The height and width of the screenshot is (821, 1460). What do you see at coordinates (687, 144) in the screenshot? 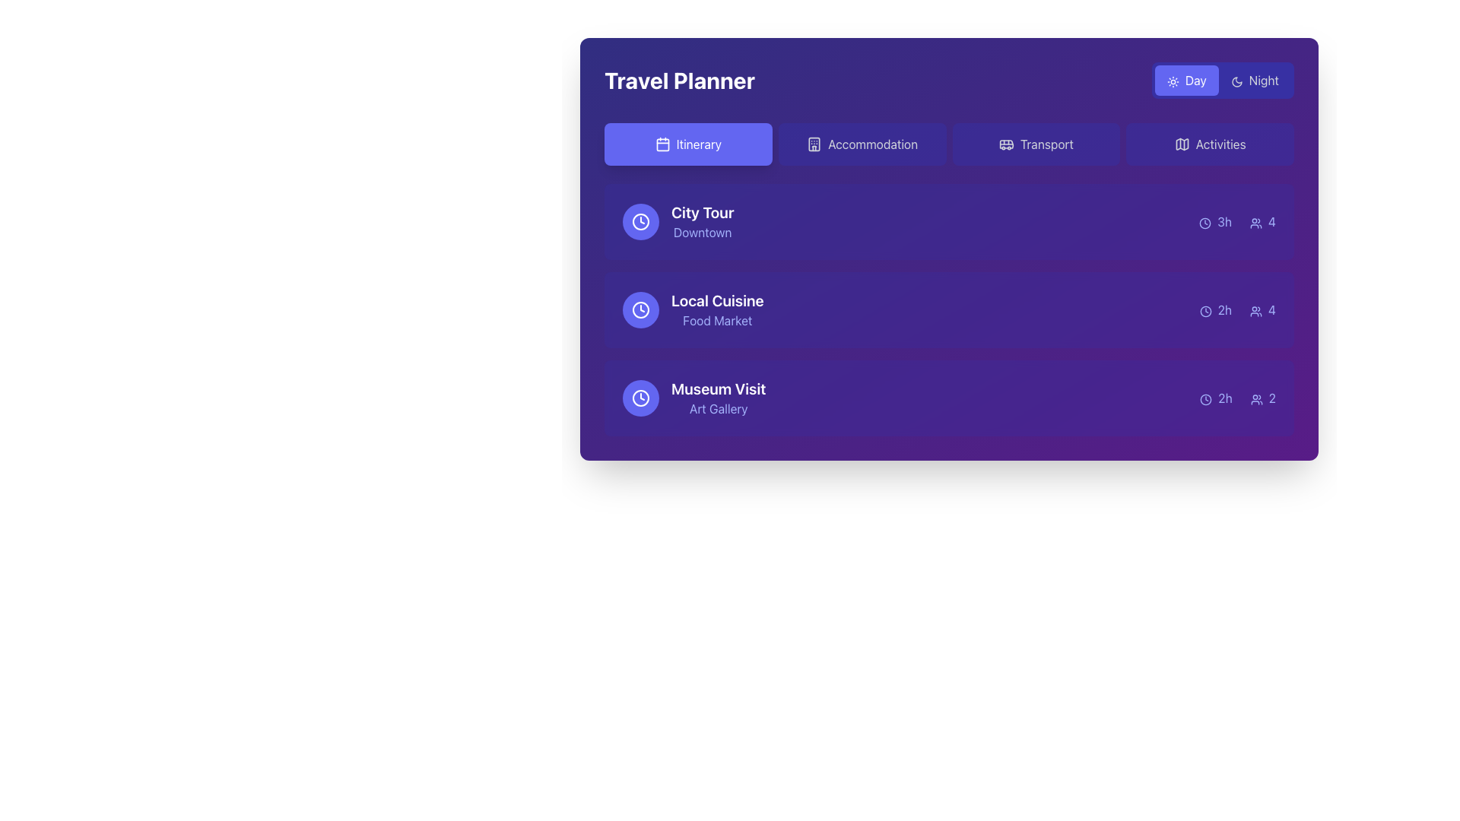
I see `the 'Itinerary' button, which is a rectangular button with rounded corners, featuring a white calendar icon and bold white text, using a touch gesture` at bounding box center [687, 144].